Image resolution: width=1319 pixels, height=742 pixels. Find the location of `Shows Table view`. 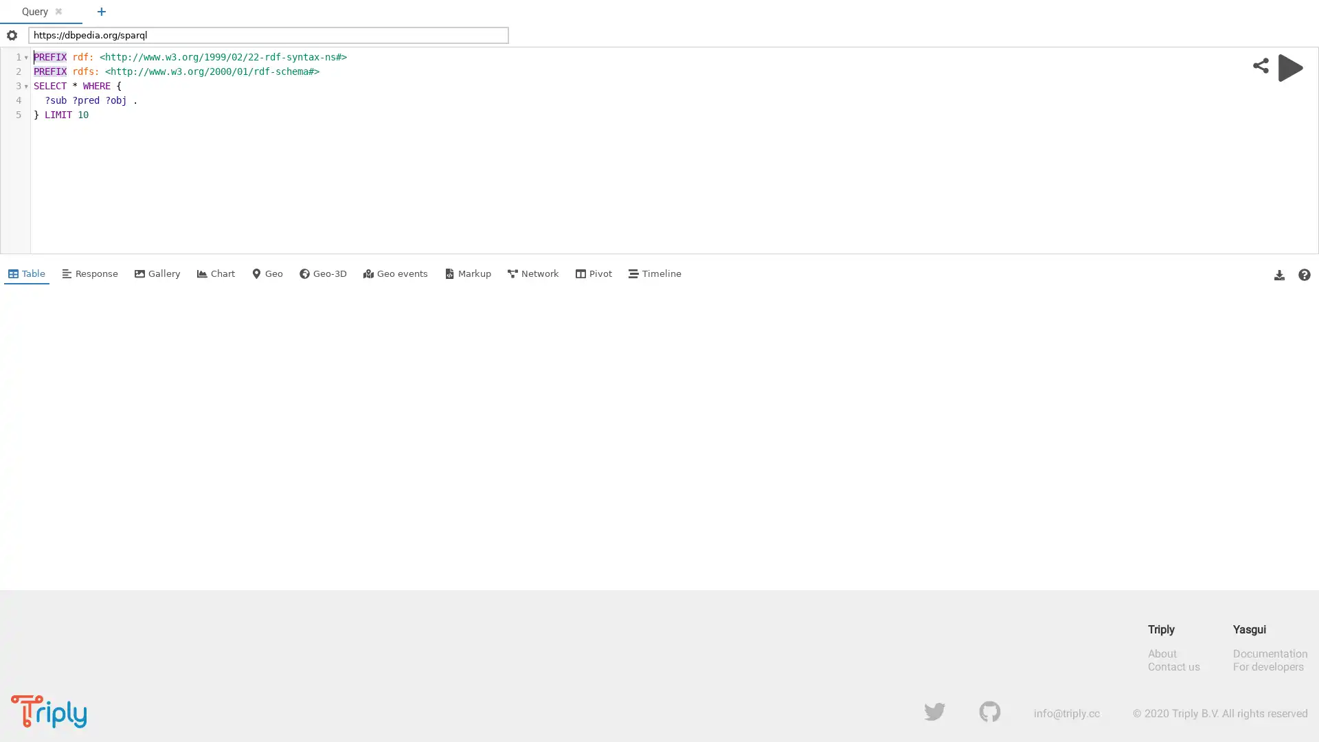

Shows Table view is located at coordinates (26, 274).